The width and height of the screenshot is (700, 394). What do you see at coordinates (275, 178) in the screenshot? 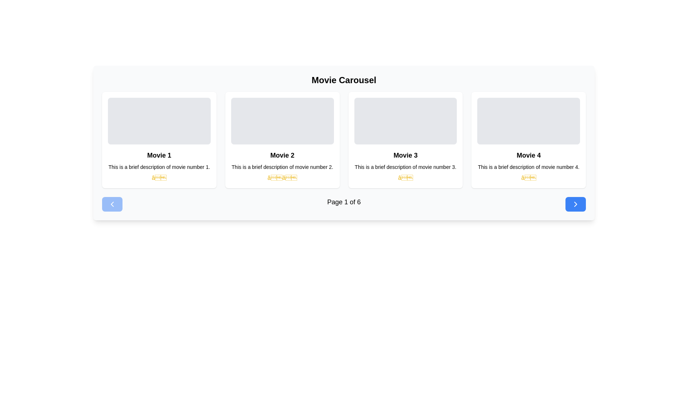
I see `the yellow star icon located in the 'Movie 2' card, which is the first of two star icons displayed below the 'Movie 2' description` at bounding box center [275, 178].